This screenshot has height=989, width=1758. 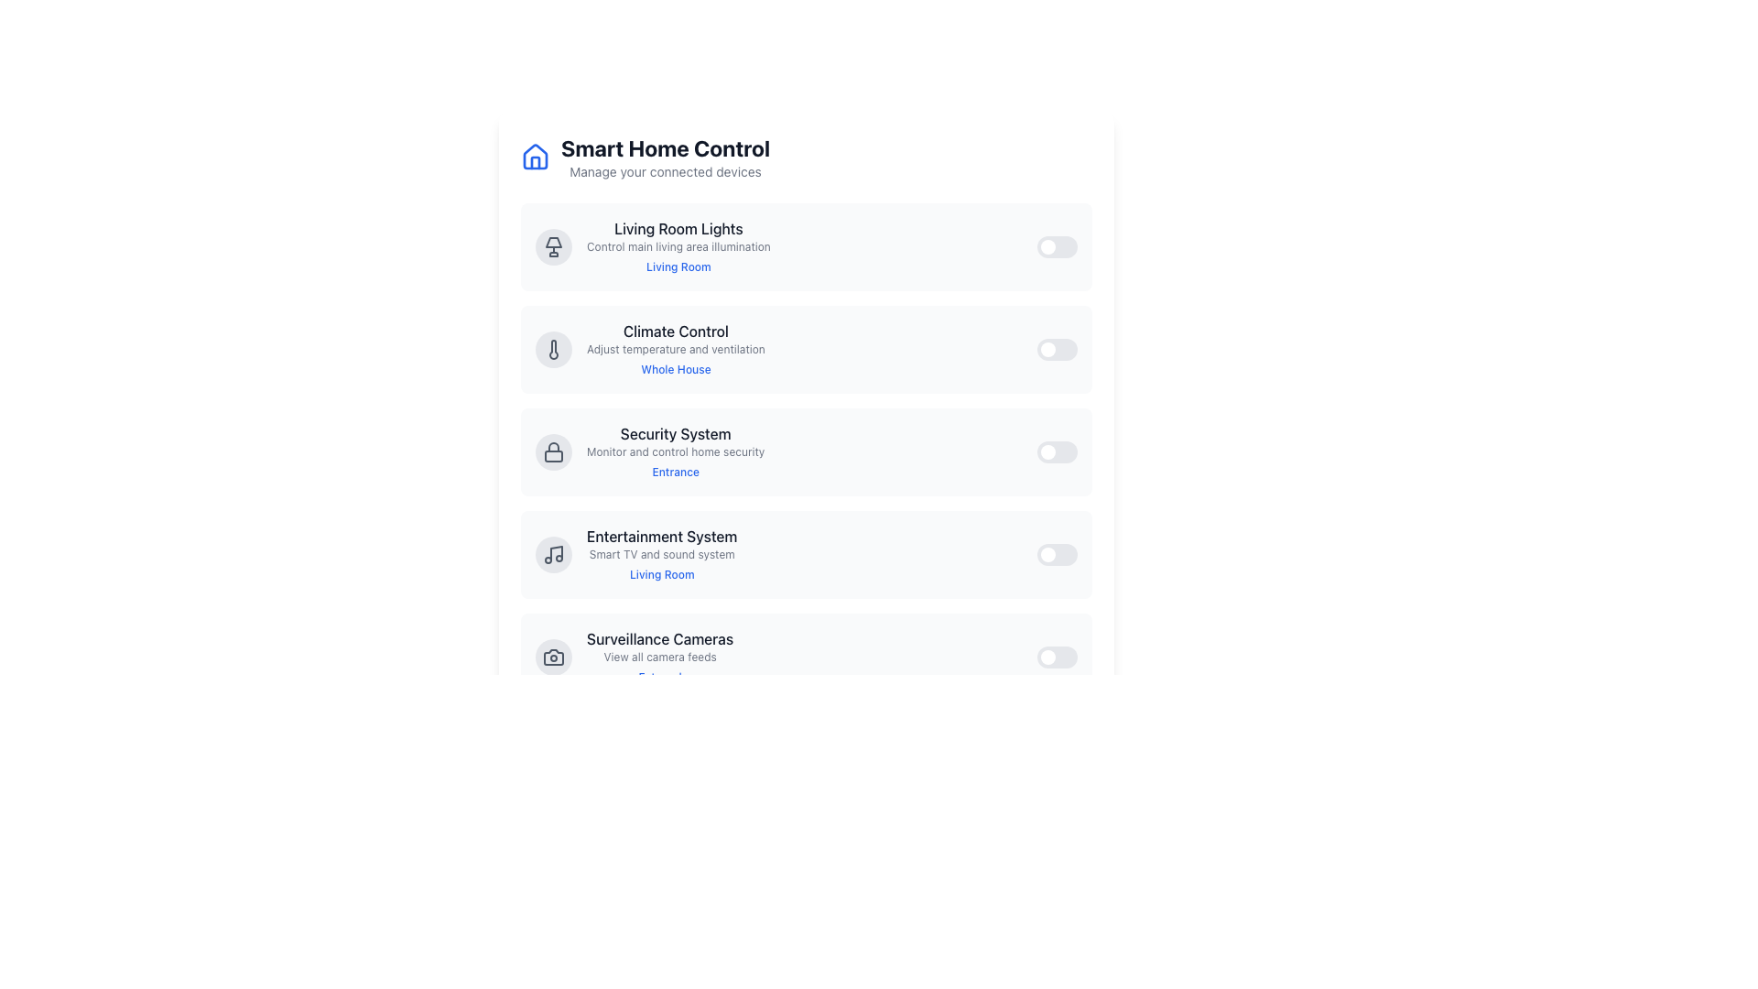 I want to click on the icon button located at the far left of the 'Surveillance Cameras' section, so click(x=552, y=656).